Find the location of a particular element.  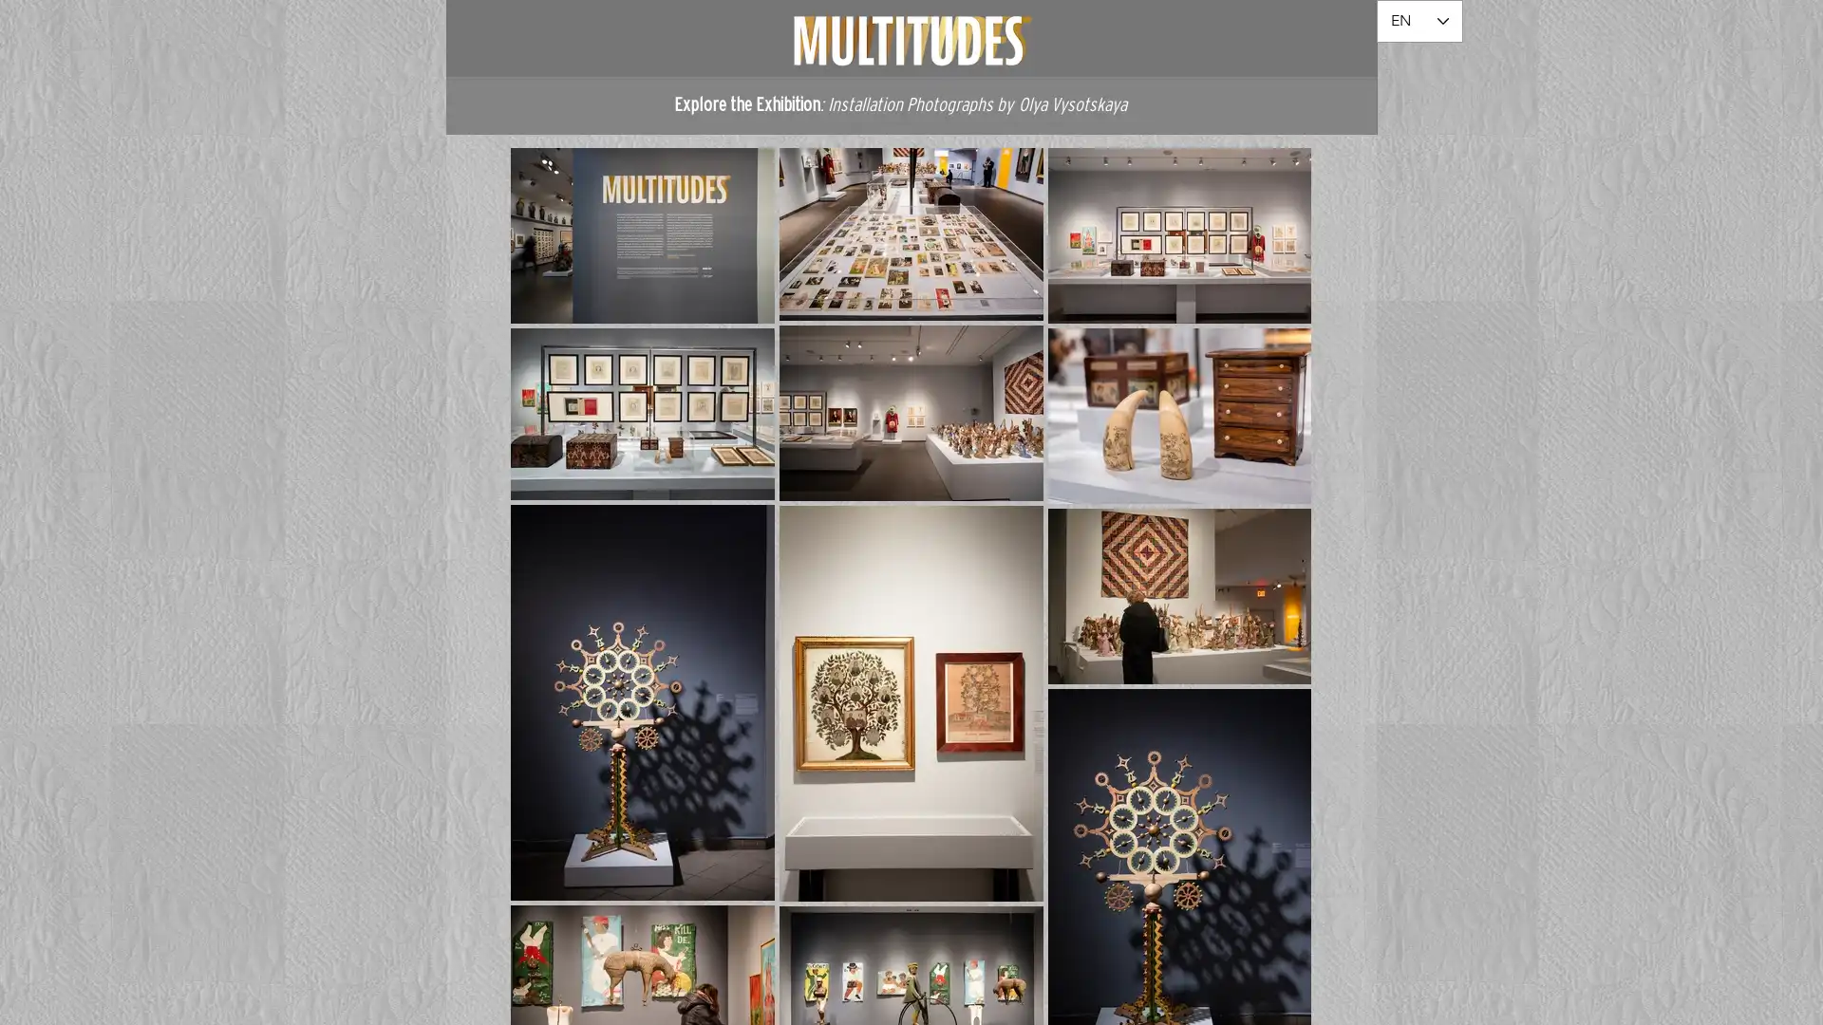

EX - 2022 - Multitudes - AFAM - 092.jpg is located at coordinates (642, 234).